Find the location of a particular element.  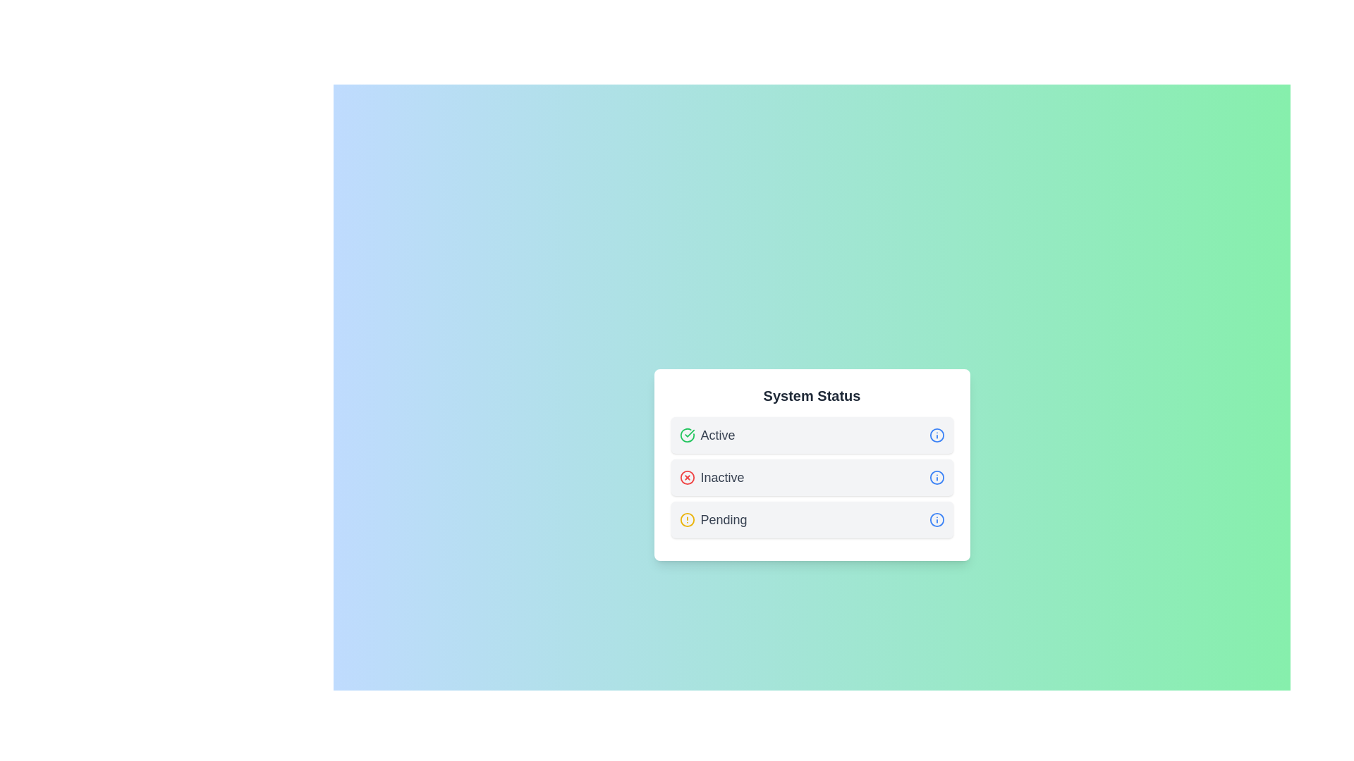

icons associated with the 'Inactive' status option in the middle entry of the System Status list is located at coordinates (812, 477).